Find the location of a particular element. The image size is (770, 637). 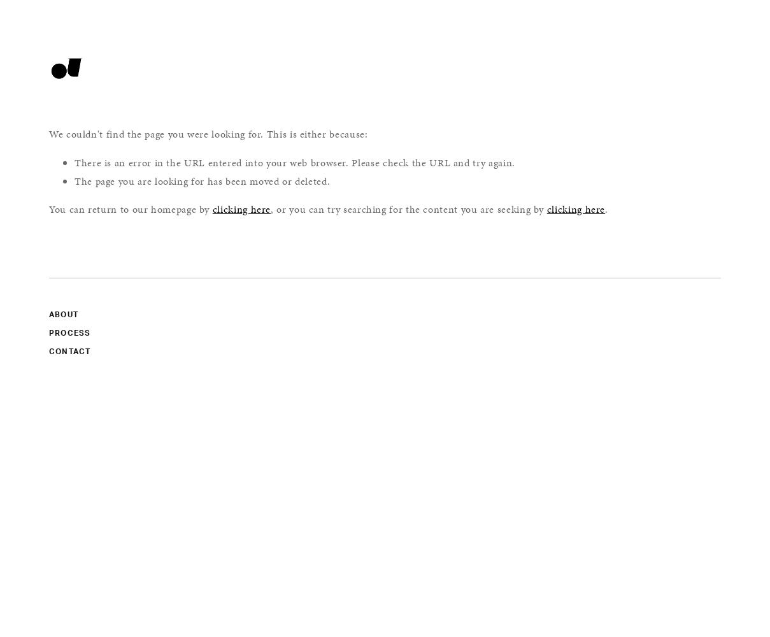

'PROCESS' is located at coordinates (69, 333).